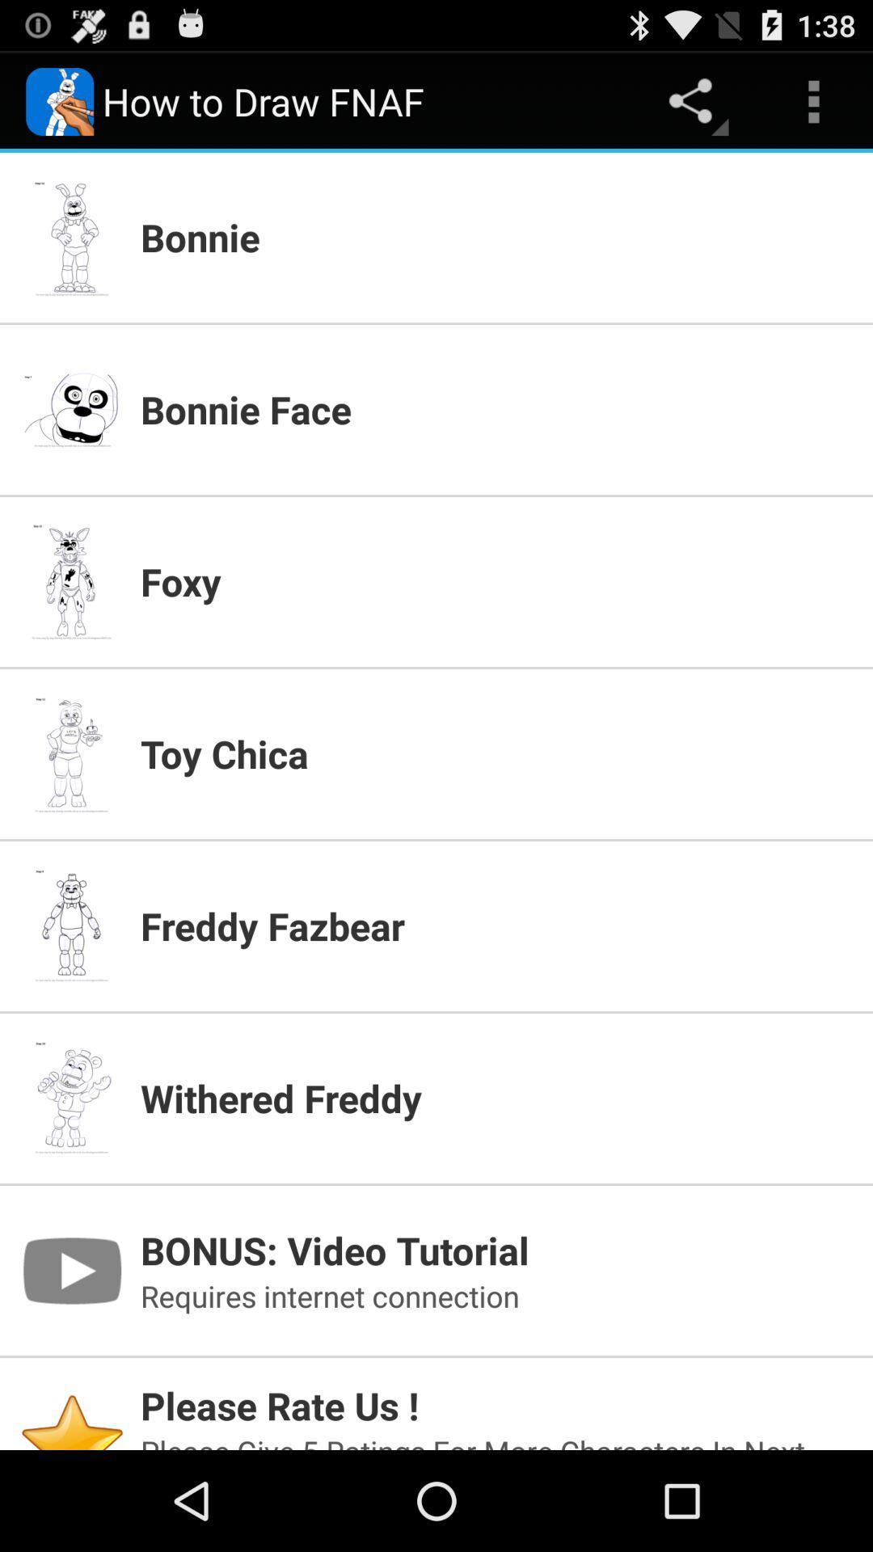 This screenshot has height=1552, width=873. What do you see at coordinates (496, 1440) in the screenshot?
I see `the please give 5 icon` at bounding box center [496, 1440].